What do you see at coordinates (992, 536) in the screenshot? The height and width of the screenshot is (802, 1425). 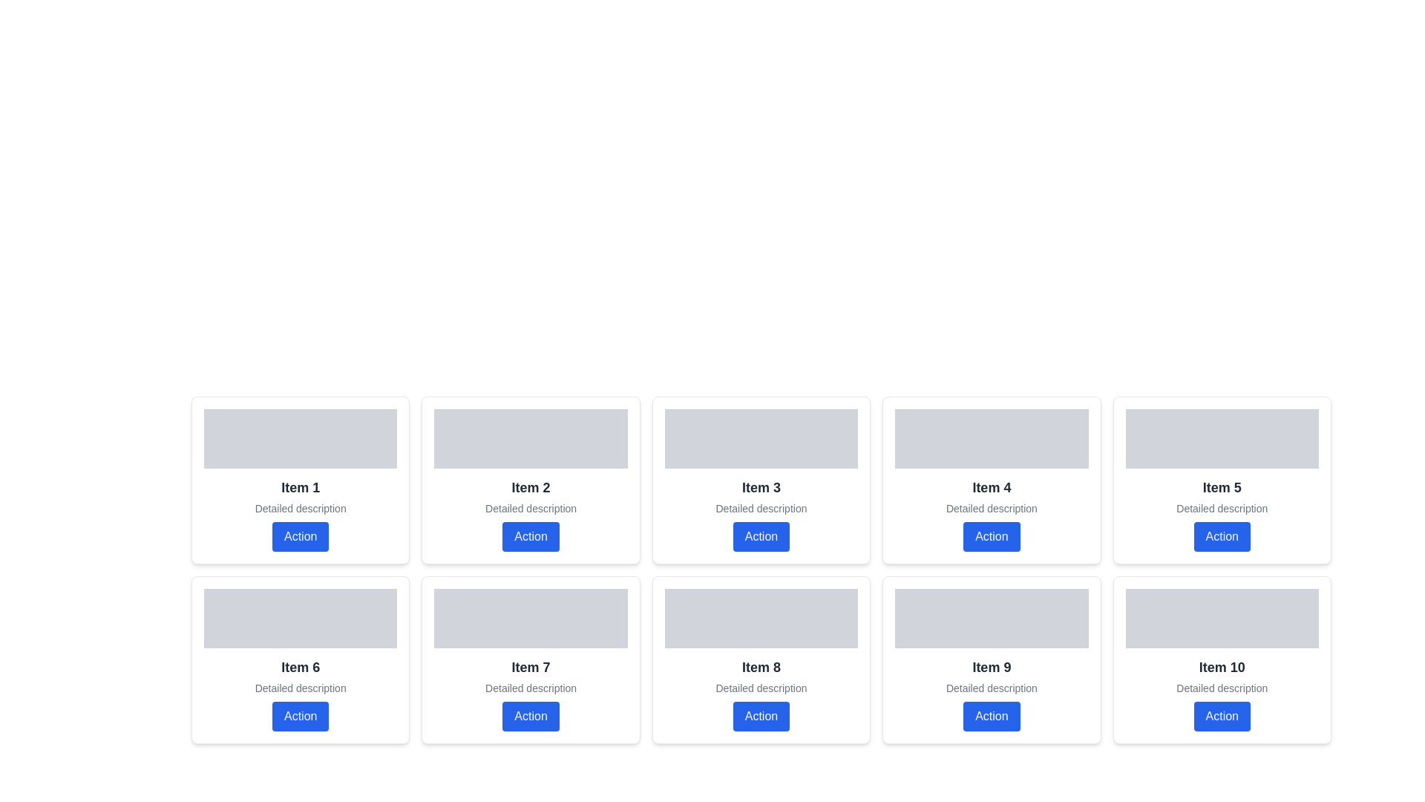 I see `the blue rounded button labeled 'Action' located below the descriptive text of 'Item 4'` at bounding box center [992, 536].